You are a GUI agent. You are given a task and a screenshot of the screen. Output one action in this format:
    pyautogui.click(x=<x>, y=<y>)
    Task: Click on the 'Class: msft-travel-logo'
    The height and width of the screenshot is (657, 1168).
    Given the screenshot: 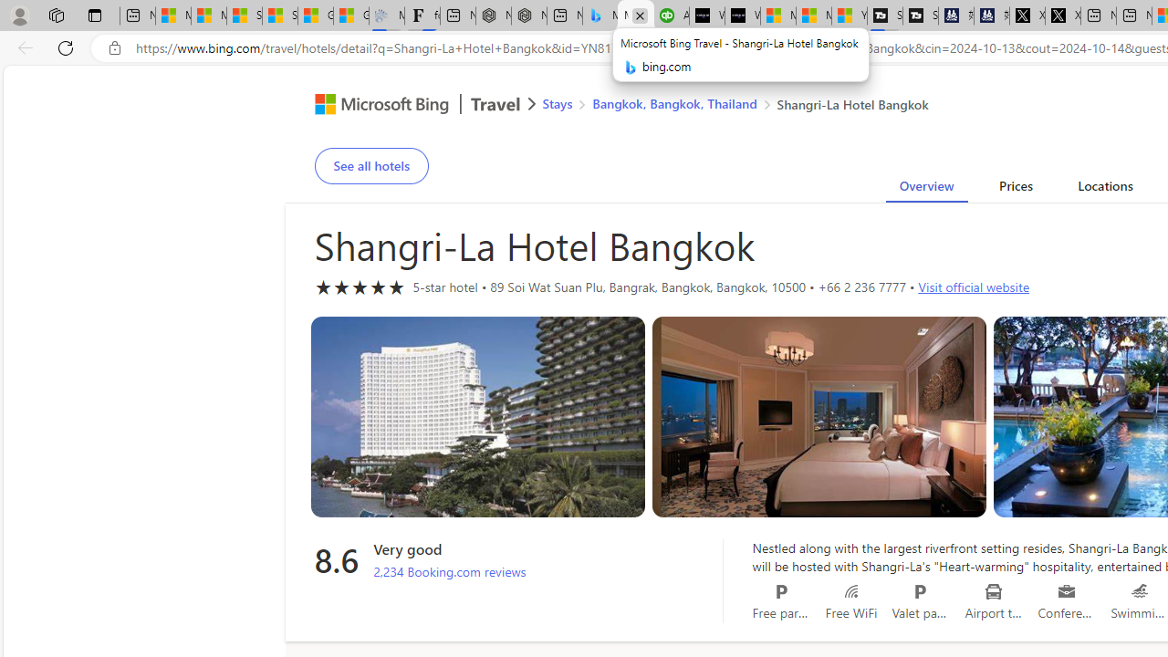 What is the action you would take?
    pyautogui.click(x=495, y=104)
    